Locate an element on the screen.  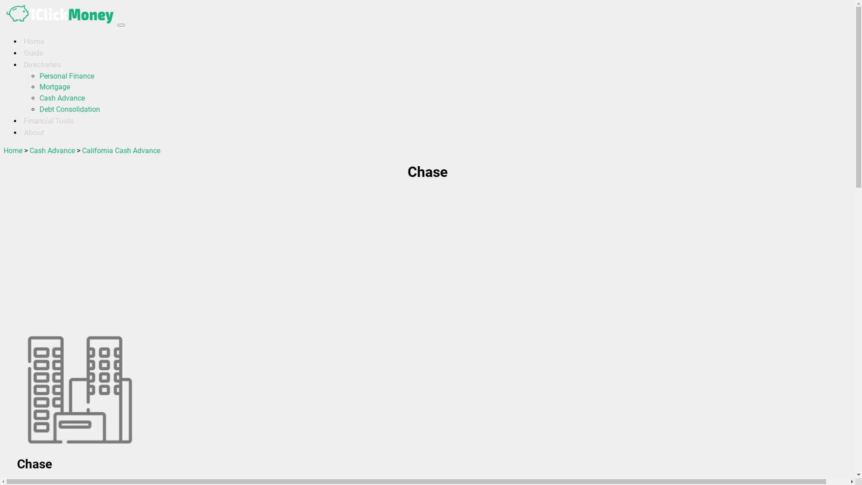
'Personal Finance' is located at coordinates (66, 75).